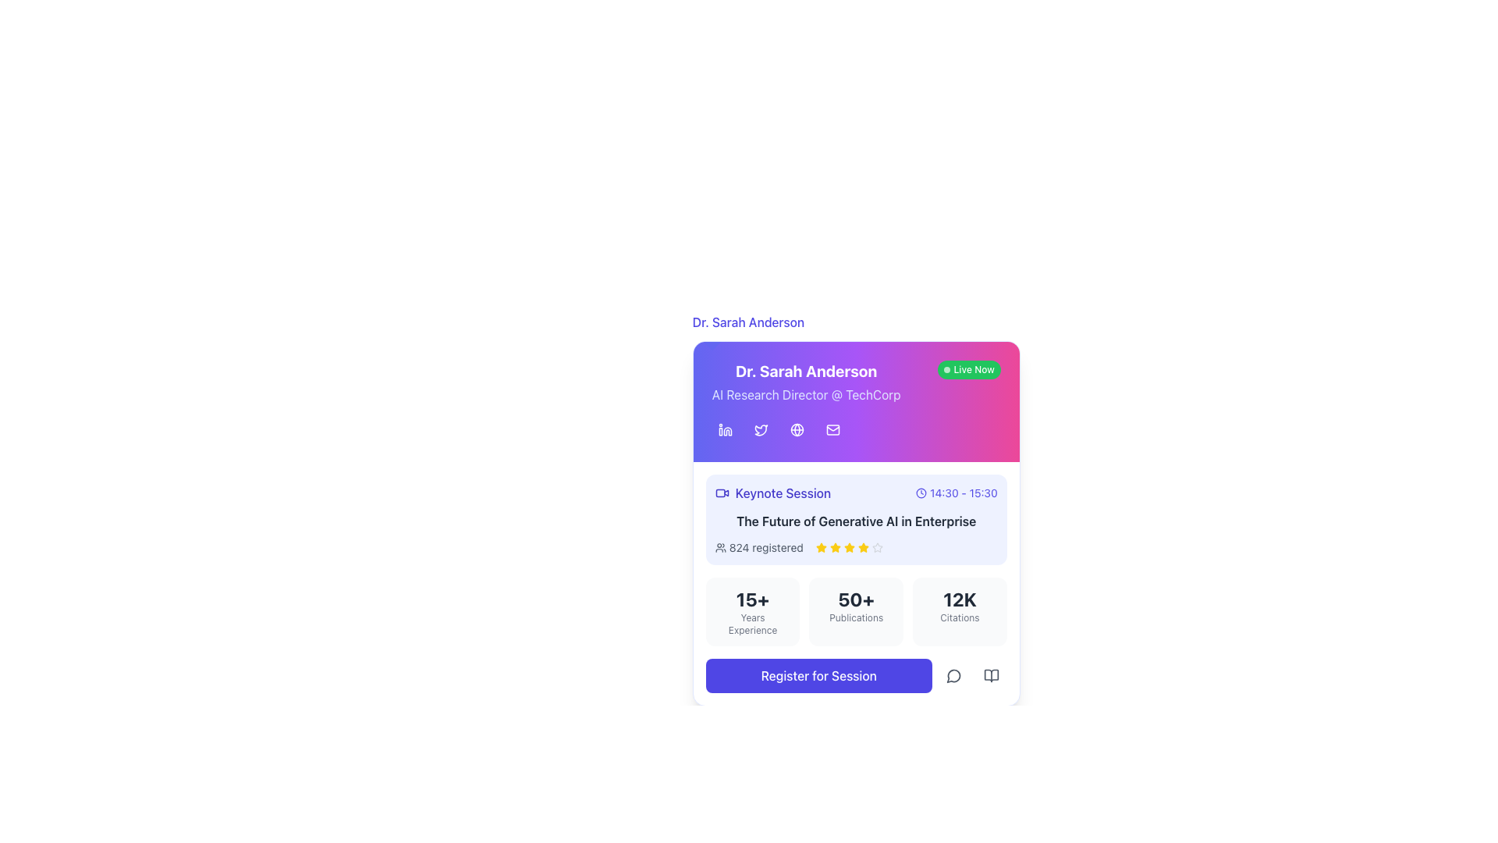  I want to click on the circular SVG element that resembles a globe in Dr. Sarah Anderson's information card, so click(797, 430).